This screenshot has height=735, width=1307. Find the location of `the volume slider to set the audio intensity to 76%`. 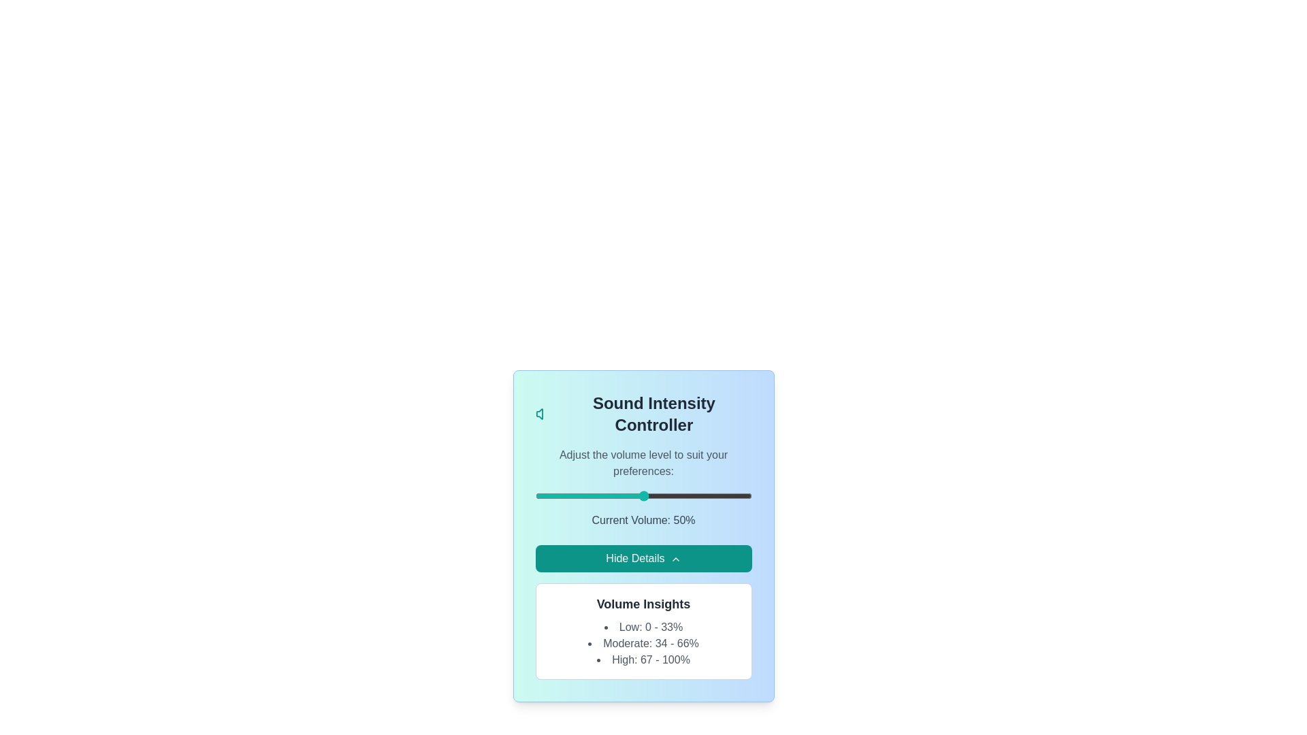

the volume slider to set the audio intensity to 76% is located at coordinates (700, 496).